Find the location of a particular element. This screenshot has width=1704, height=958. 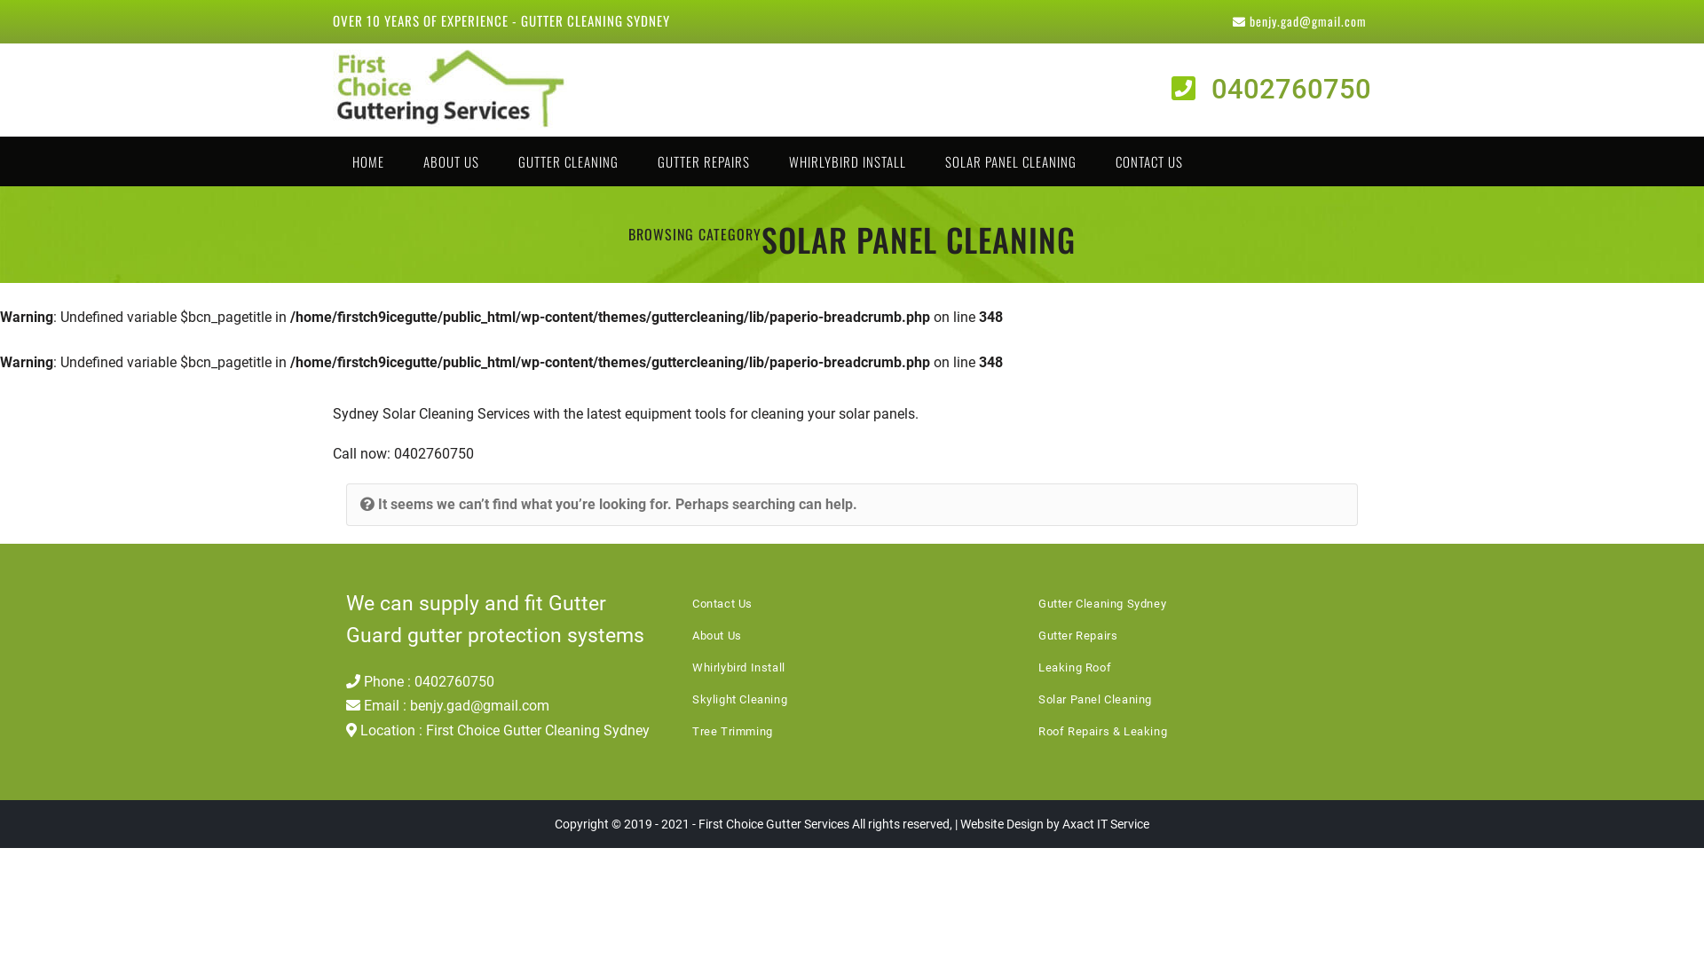

'GUTTER CLEANING' is located at coordinates (497, 161).